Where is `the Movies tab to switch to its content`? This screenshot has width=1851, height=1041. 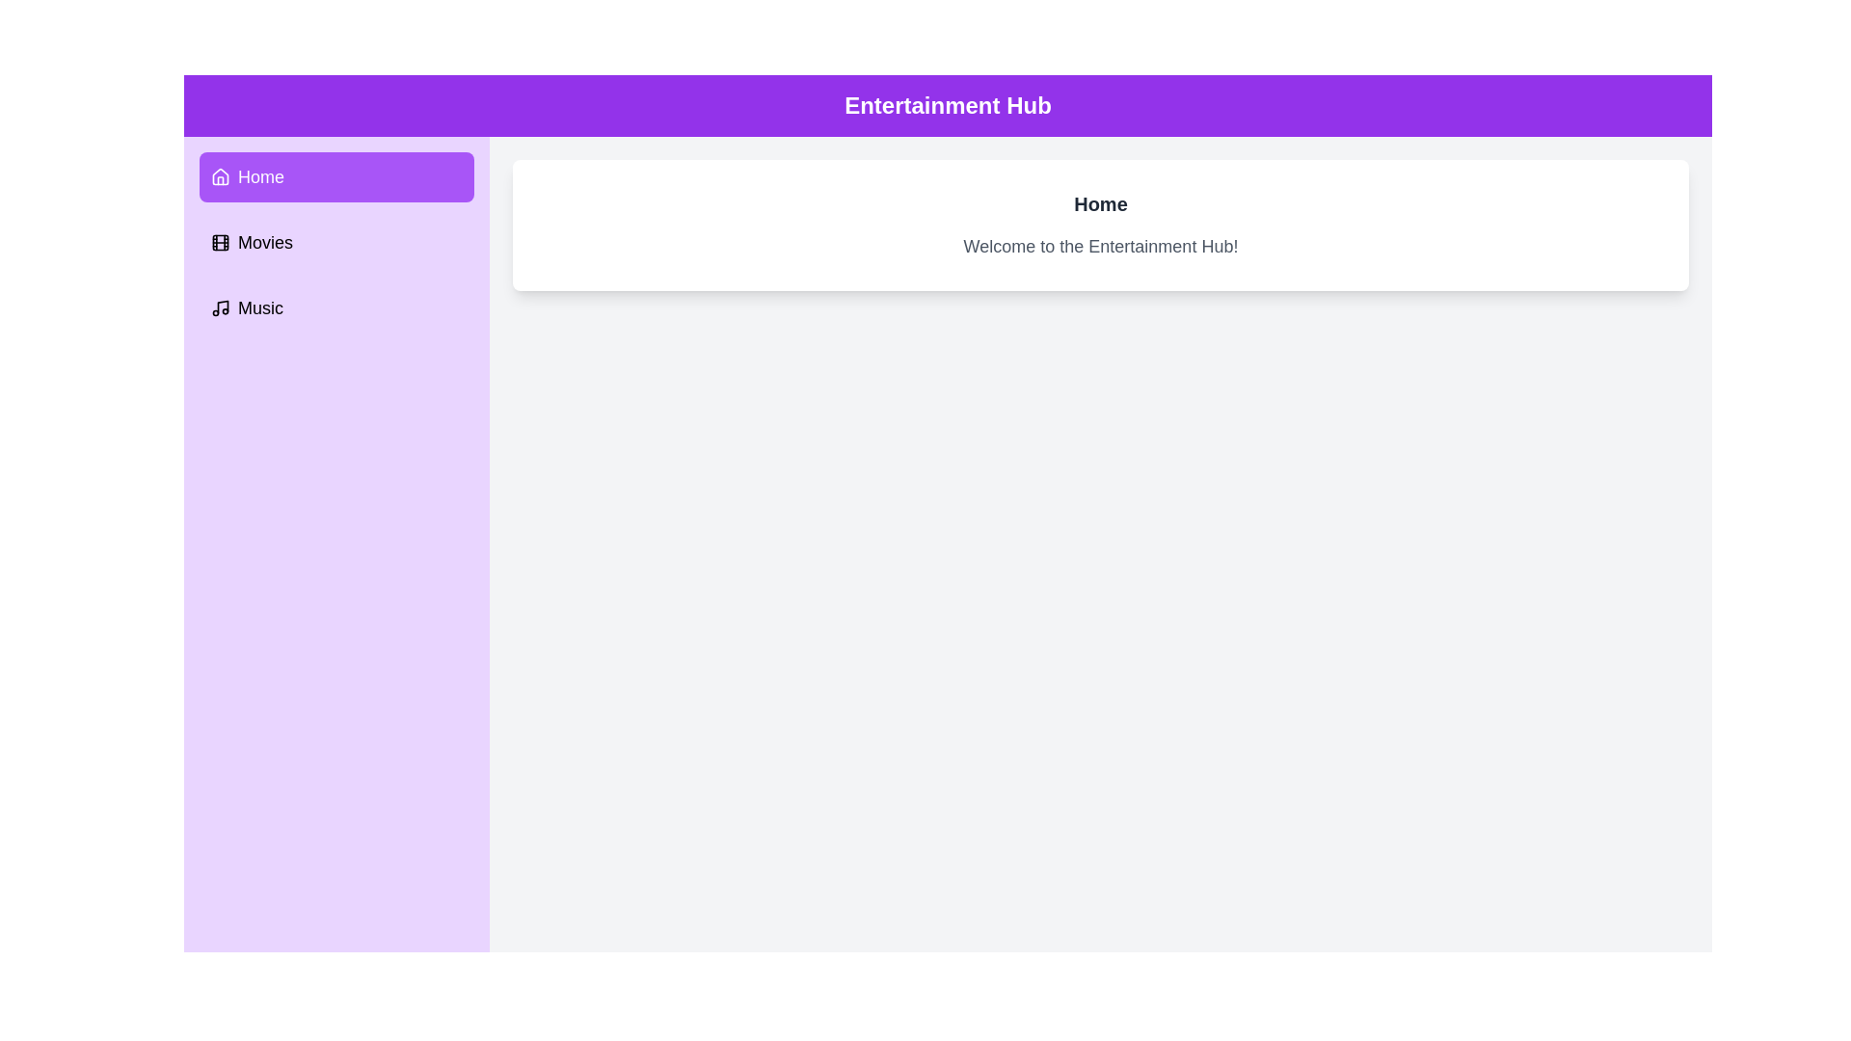
the Movies tab to switch to its content is located at coordinates (336, 241).